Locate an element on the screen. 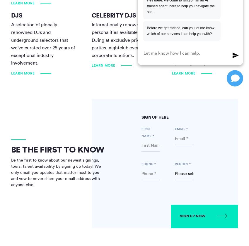 This screenshot has height=246, width=249. 'DJs' is located at coordinates (16, 15).